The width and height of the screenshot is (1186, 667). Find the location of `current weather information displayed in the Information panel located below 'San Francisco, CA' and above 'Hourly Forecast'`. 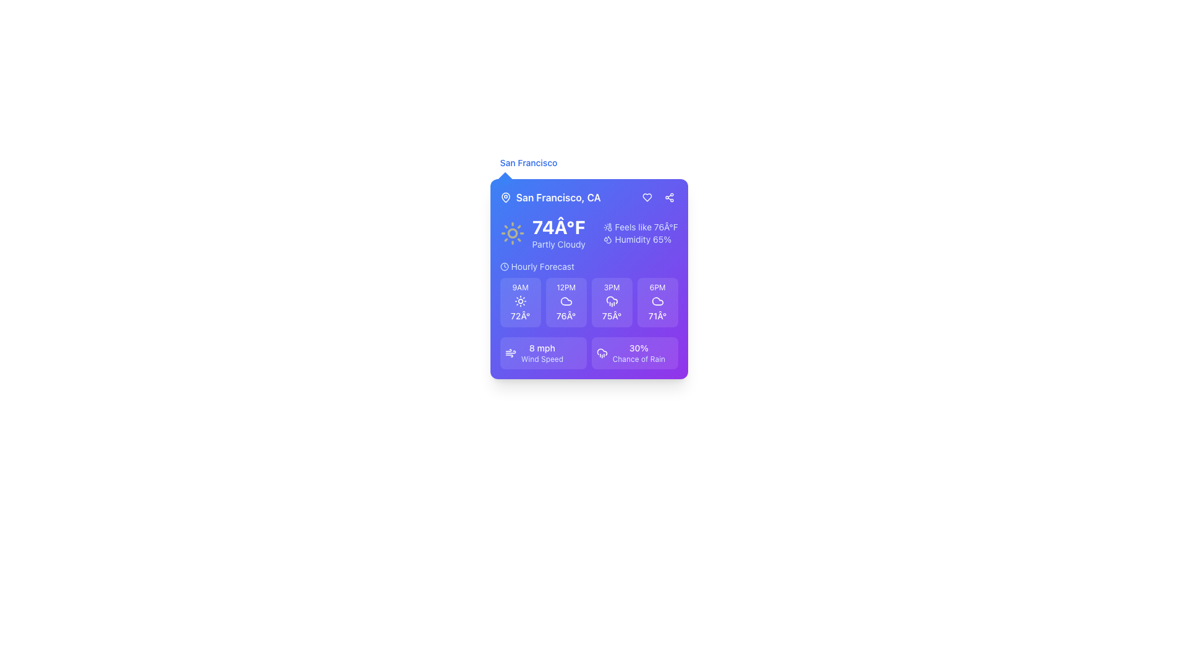

current weather information displayed in the Information panel located below 'San Francisco, CA' and above 'Hourly Forecast' is located at coordinates (588, 233).